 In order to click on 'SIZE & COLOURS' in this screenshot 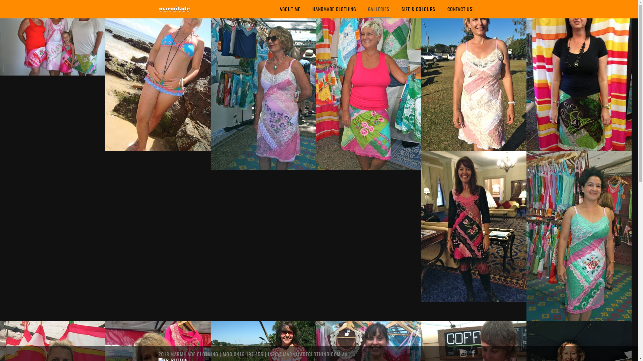, I will do `click(400, 9)`.